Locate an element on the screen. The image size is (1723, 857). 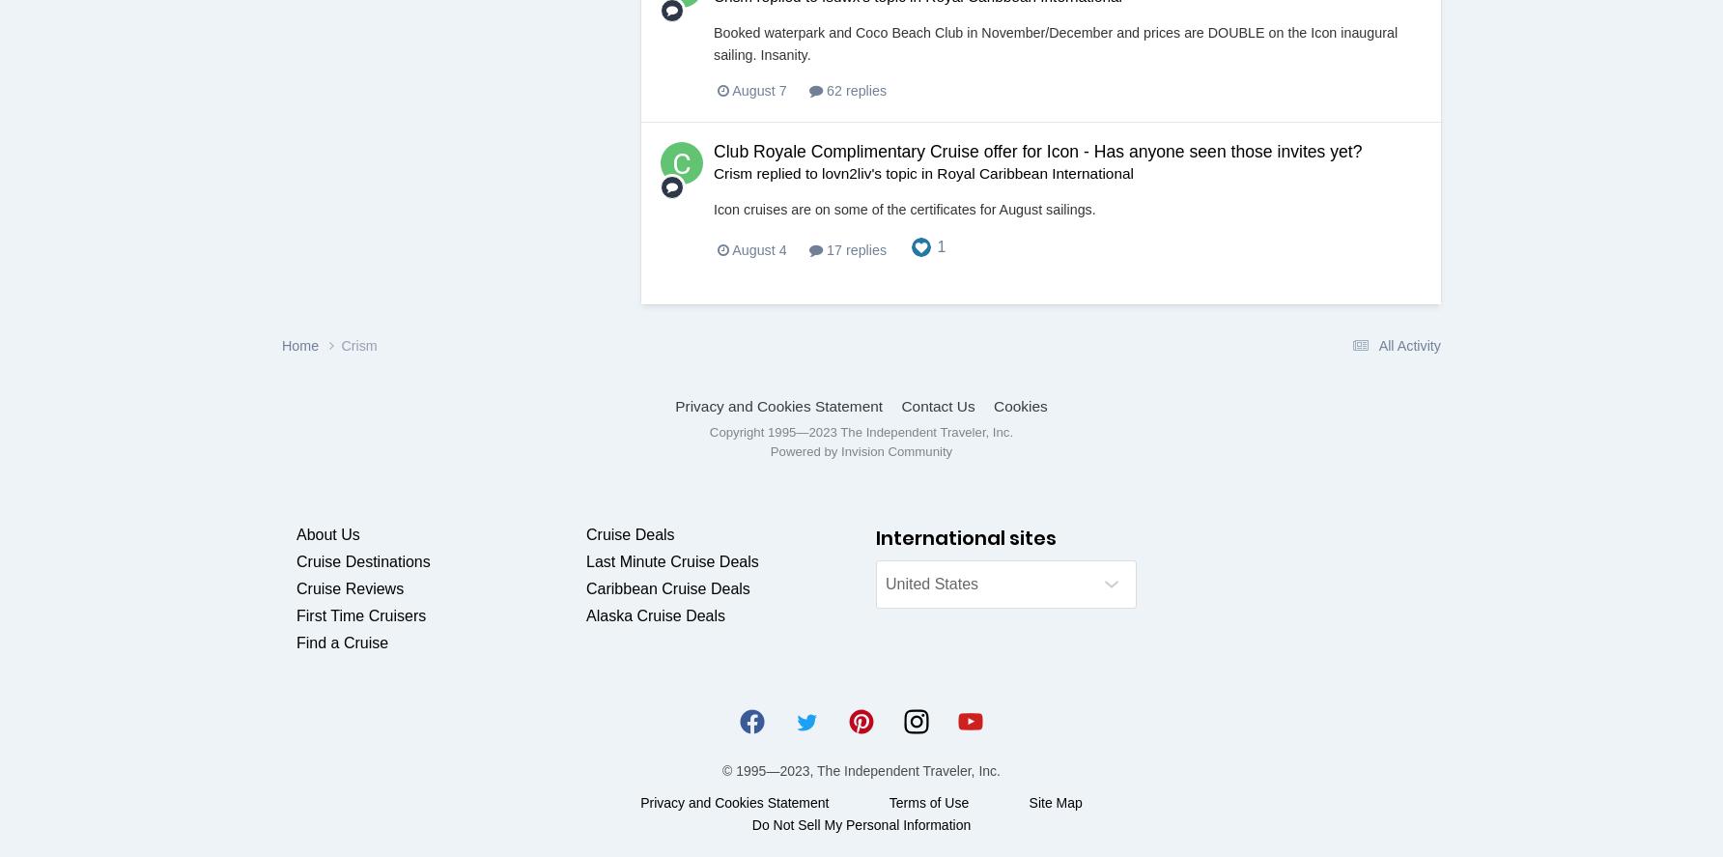
'Terms of Use' is located at coordinates (928, 801).